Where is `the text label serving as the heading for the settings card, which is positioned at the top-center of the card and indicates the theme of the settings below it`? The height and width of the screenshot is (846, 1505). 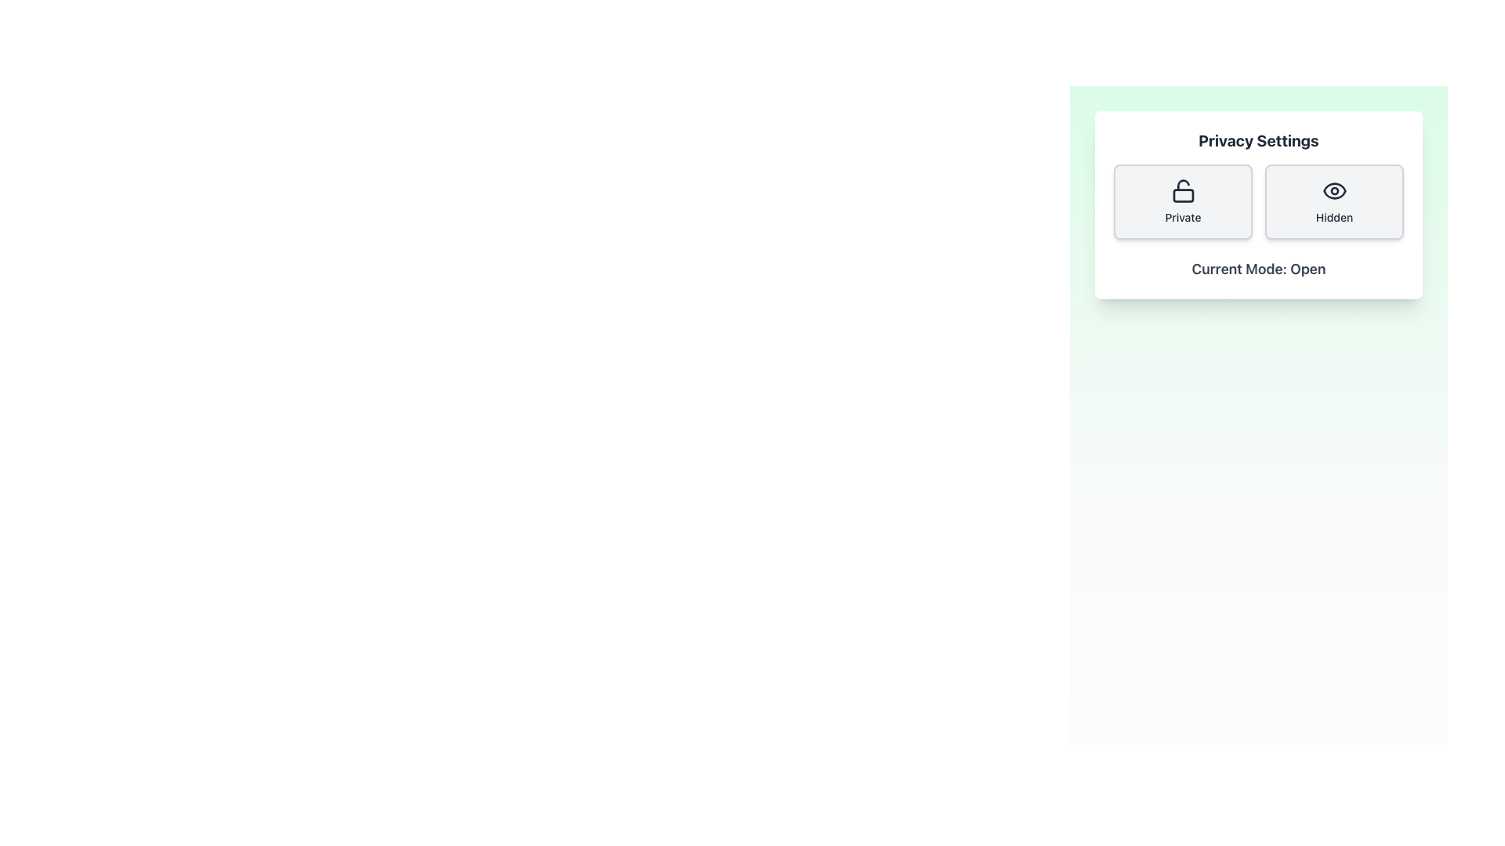 the text label serving as the heading for the settings card, which is positioned at the top-center of the card and indicates the theme of the settings below it is located at coordinates (1259, 141).